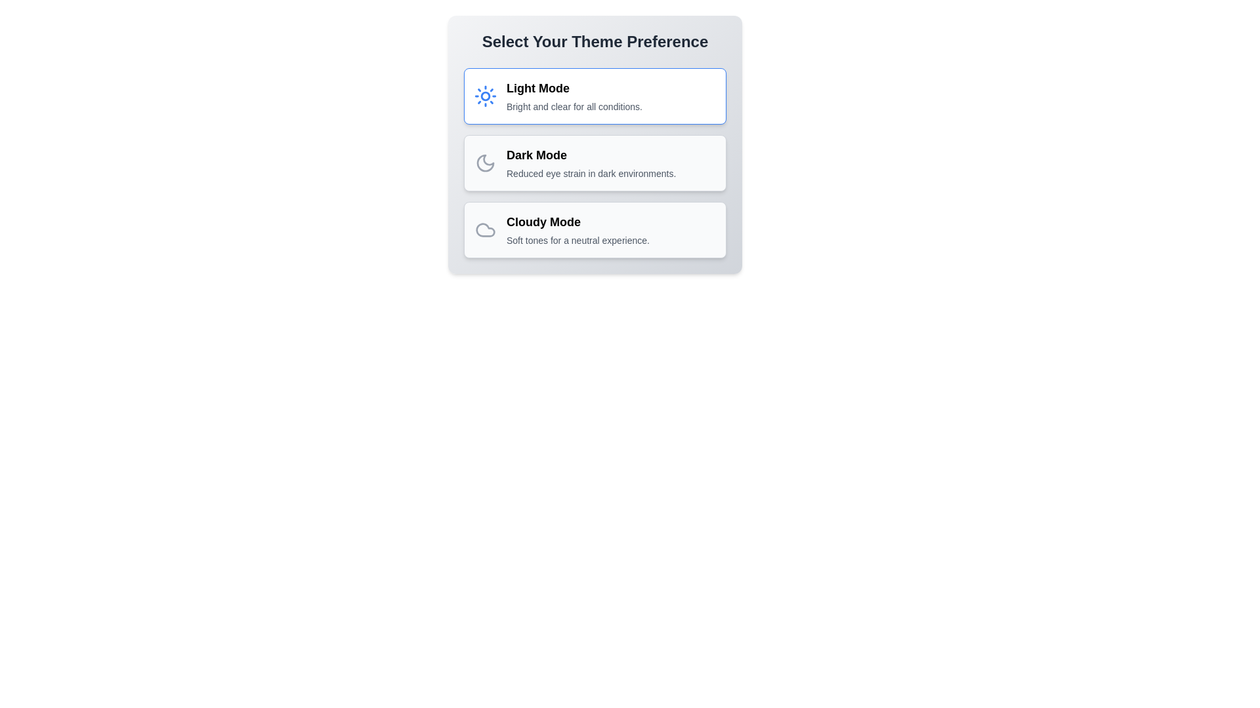 Image resolution: width=1260 pixels, height=708 pixels. I want to click on the static text label that provides additional information about the 'Light Mode' option, located directly below the 'Light Mode' title, so click(574, 106).